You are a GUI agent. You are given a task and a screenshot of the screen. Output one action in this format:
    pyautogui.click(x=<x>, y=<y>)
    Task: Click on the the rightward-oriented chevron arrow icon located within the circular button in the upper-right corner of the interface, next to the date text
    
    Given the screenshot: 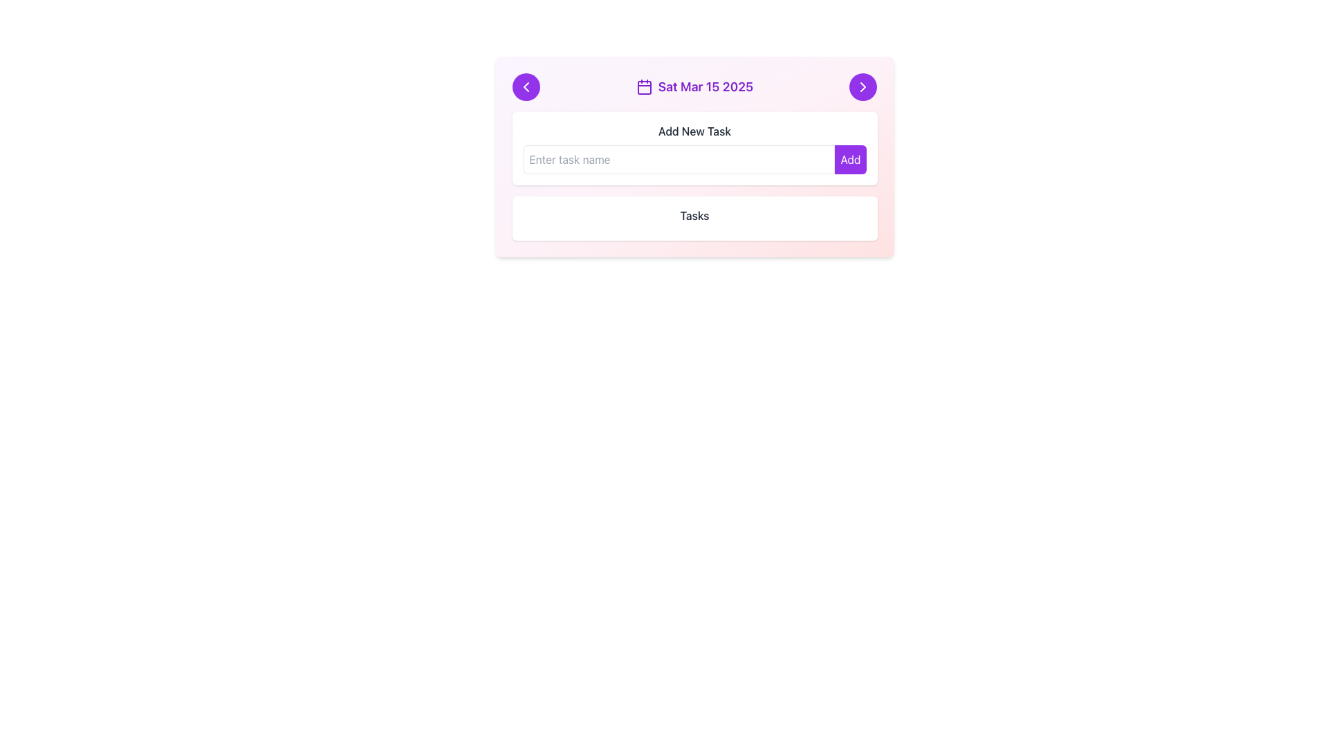 What is the action you would take?
    pyautogui.click(x=863, y=87)
    